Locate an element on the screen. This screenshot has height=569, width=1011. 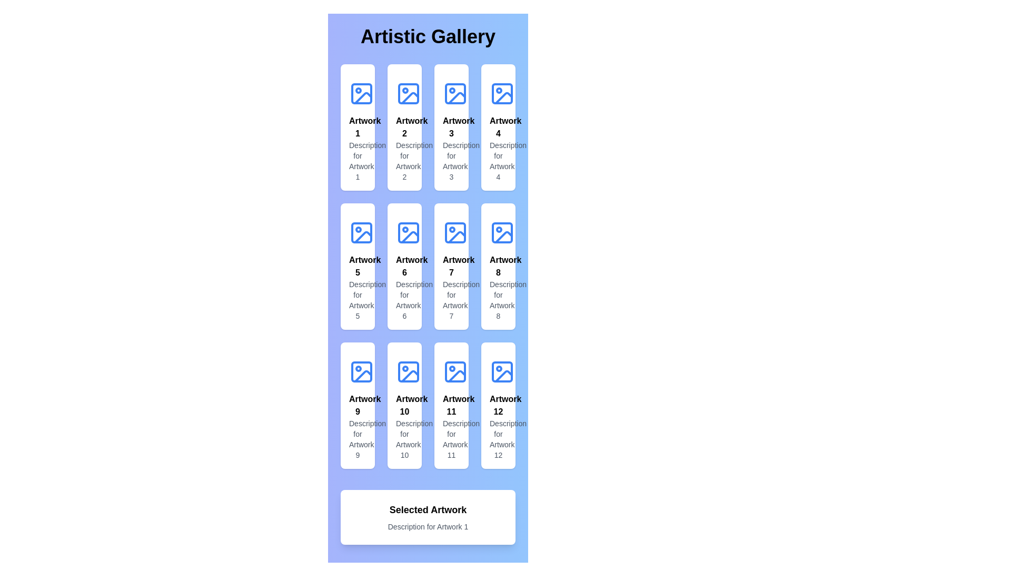
descriptive text block located at the bottom of the card labeled 'Artwork 9', which provides additional context about the artwork is located at coordinates (358, 439).